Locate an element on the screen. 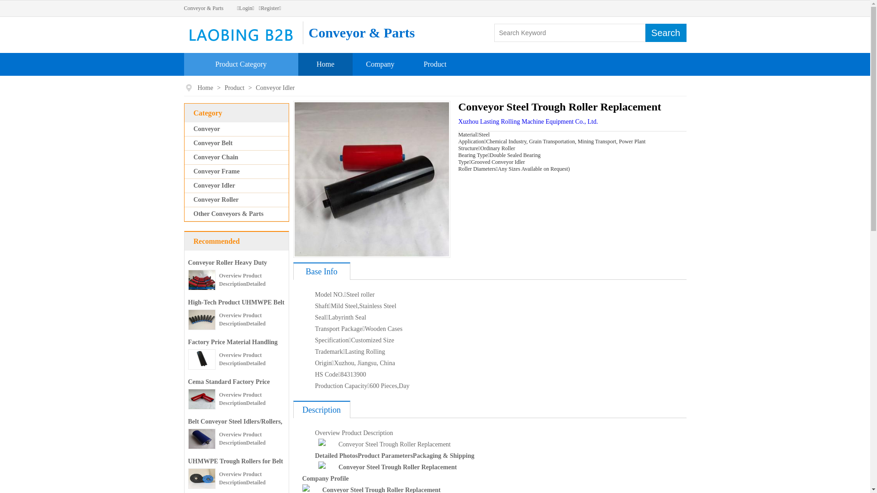 The width and height of the screenshot is (877, 493). 'Home' is located at coordinates (325, 63).